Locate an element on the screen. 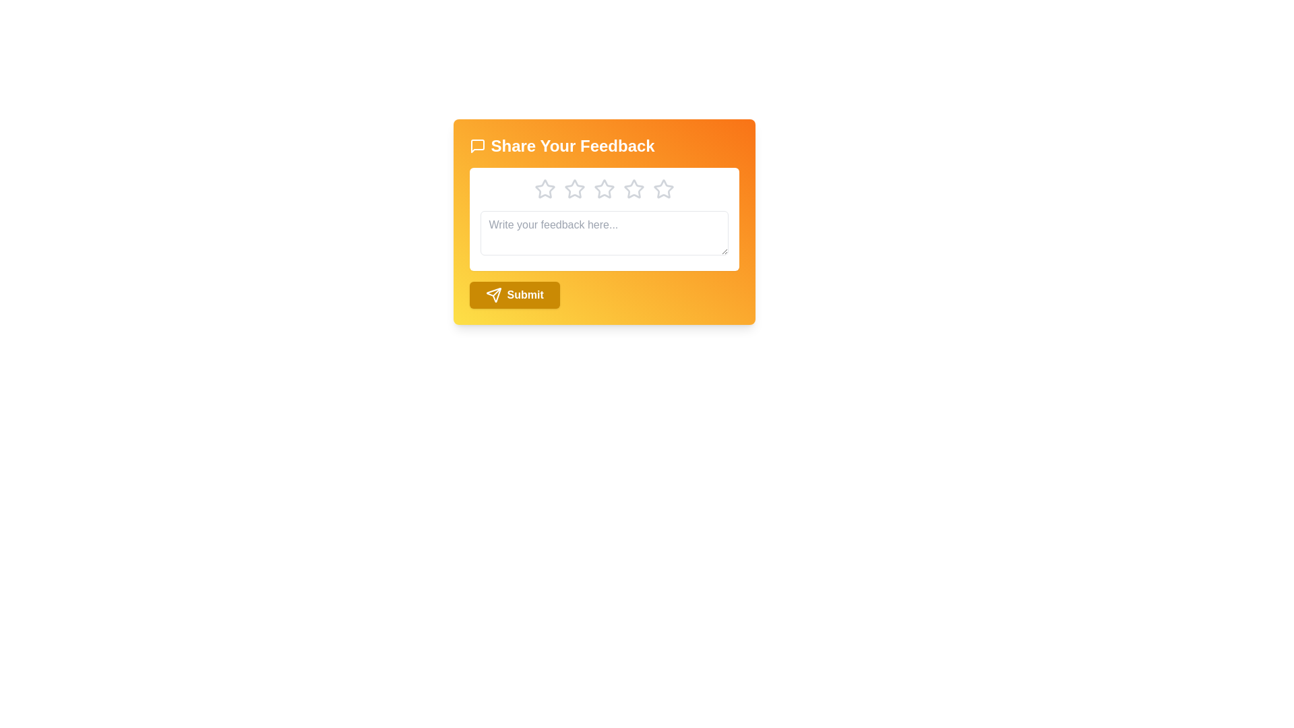  the third interactive star icon in the rating system is located at coordinates (574, 189).